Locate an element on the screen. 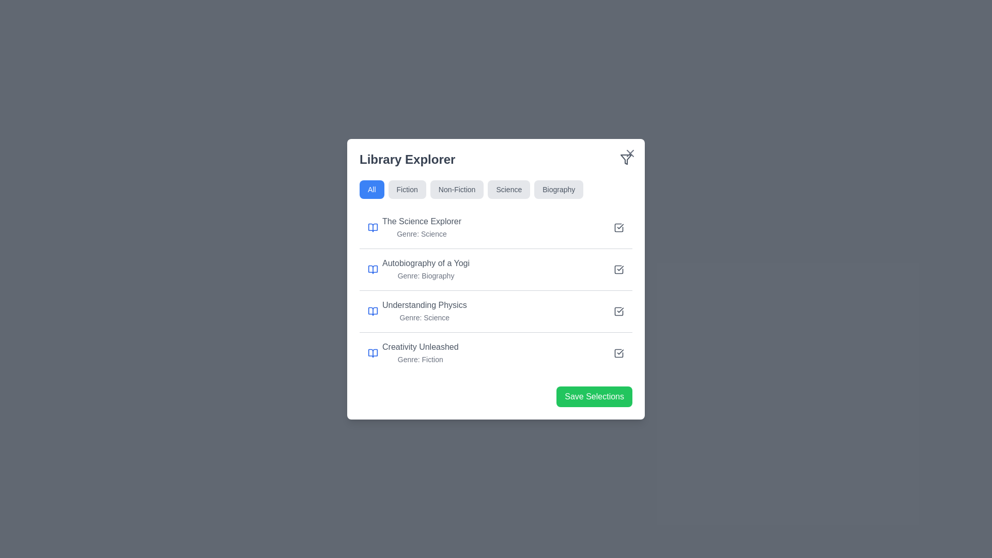 Image resolution: width=992 pixels, height=558 pixels. the text block displaying 'Creativity Unleashed' and 'Genre: Fiction' in the 'Library Explorer' section, which is the fourth item in a vertical list is located at coordinates (420, 352).